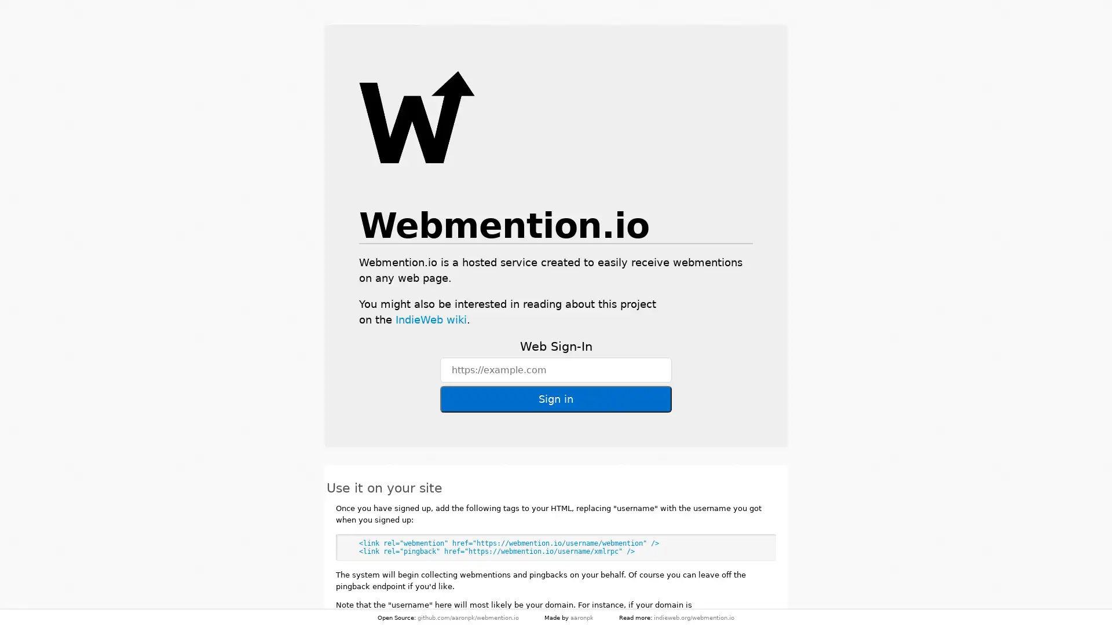 The height and width of the screenshot is (625, 1112). Describe the element at coordinates (556, 399) in the screenshot. I see `Sign in` at that location.